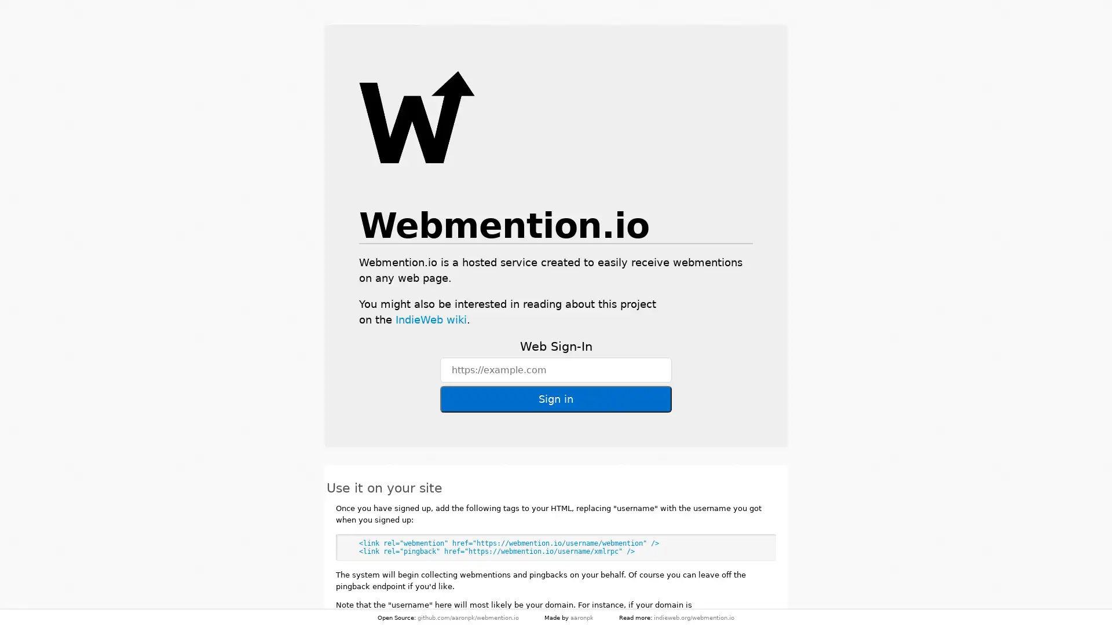 The height and width of the screenshot is (625, 1112). Describe the element at coordinates (556, 399) in the screenshot. I see `Sign in` at that location.